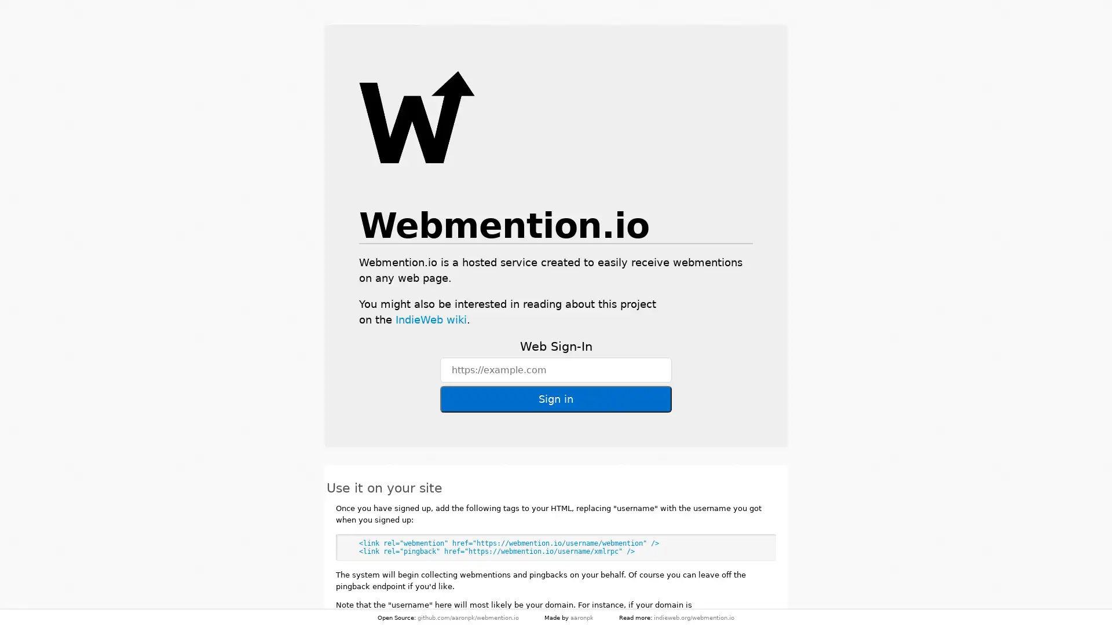 The height and width of the screenshot is (625, 1112). Describe the element at coordinates (556, 399) in the screenshot. I see `Sign in` at that location.